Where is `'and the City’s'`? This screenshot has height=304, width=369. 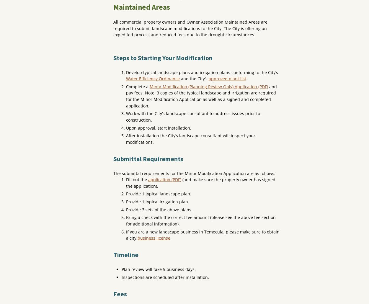 'and the City’s' is located at coordinates (194, 78).